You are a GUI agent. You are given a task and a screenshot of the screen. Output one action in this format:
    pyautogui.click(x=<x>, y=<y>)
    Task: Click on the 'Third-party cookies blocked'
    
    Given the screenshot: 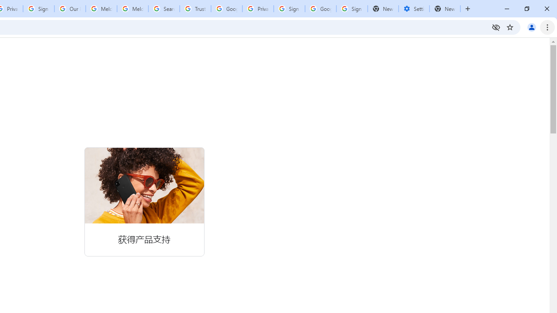 What is the action you would take?
    pyautogui.click(x=496, y=27)
    